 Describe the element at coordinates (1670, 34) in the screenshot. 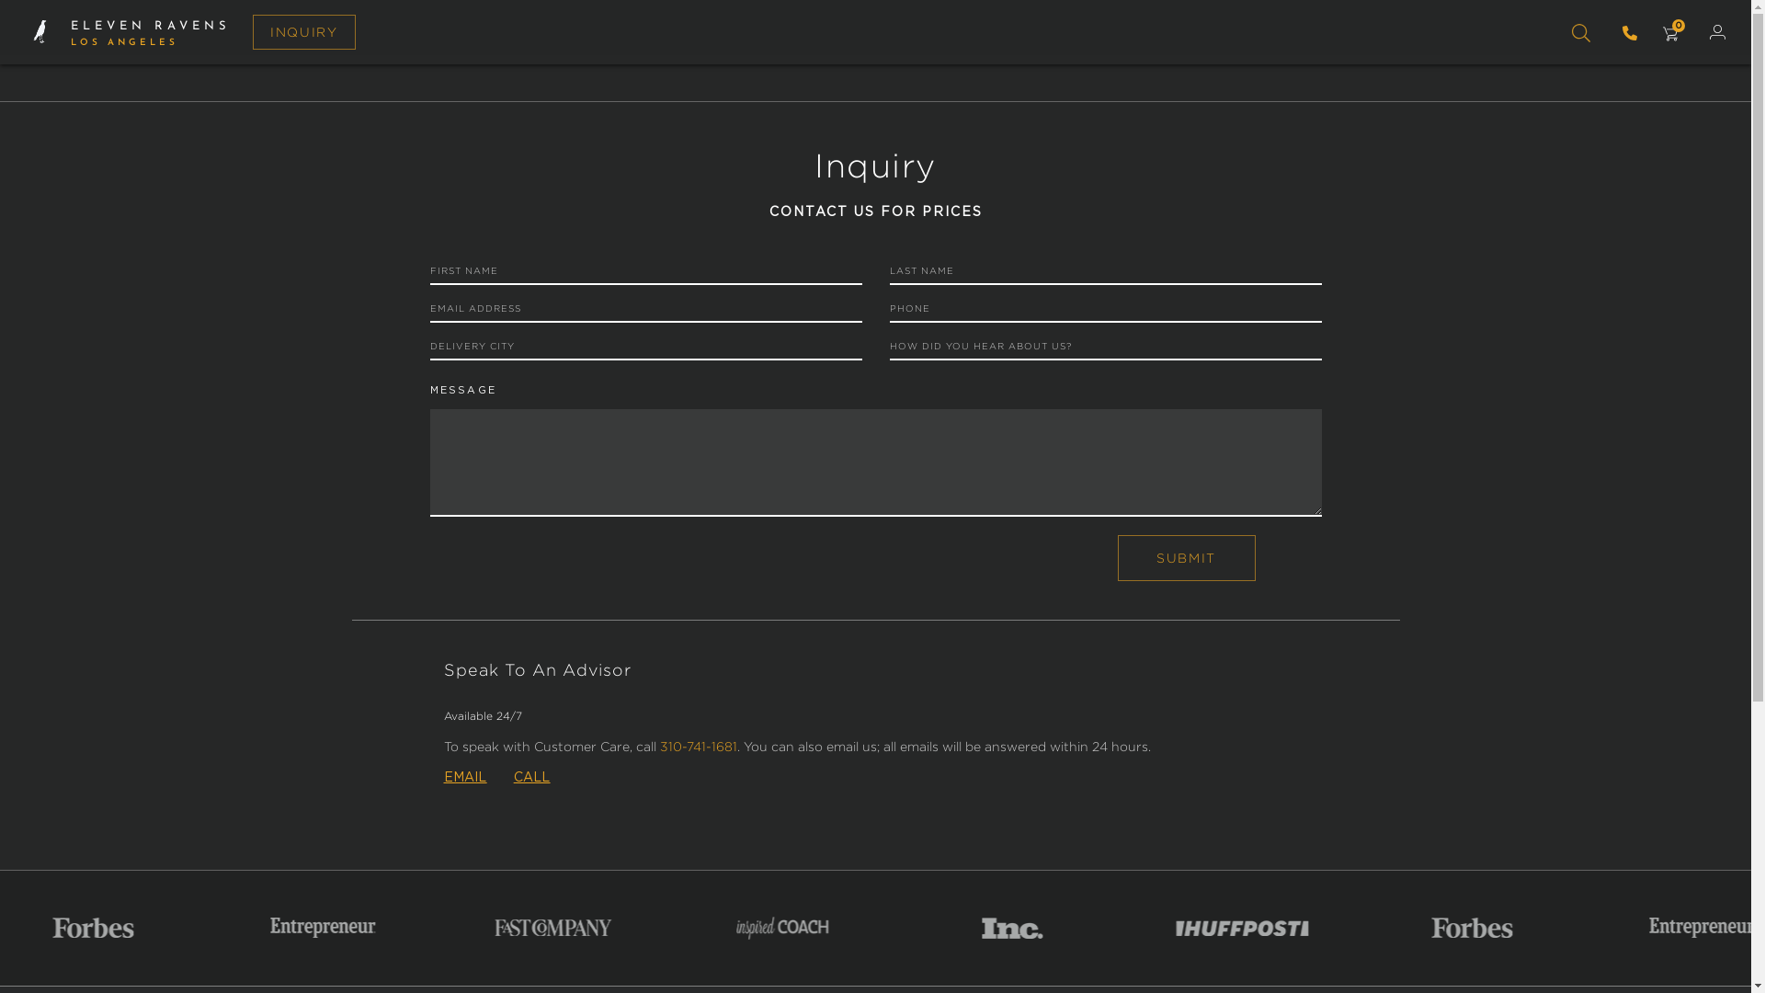

I see `'CART CART` at that location.